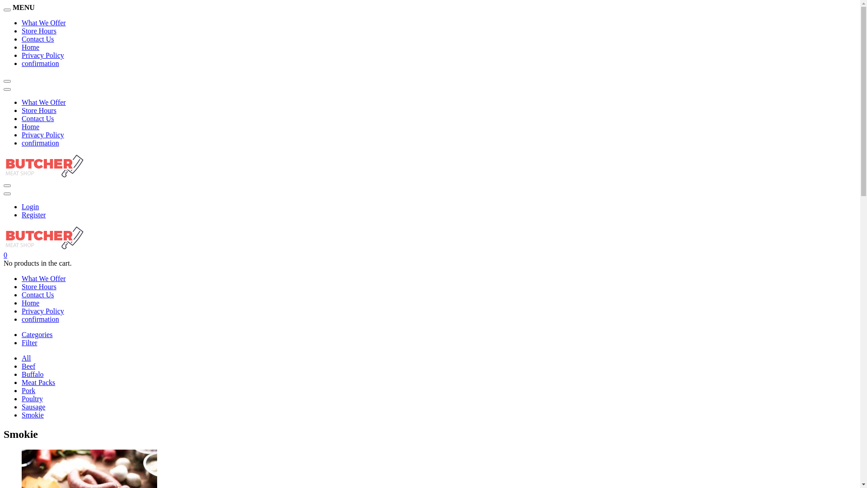 The image size is (867, 488). I want to click on 'Pork', so click(28, 390).